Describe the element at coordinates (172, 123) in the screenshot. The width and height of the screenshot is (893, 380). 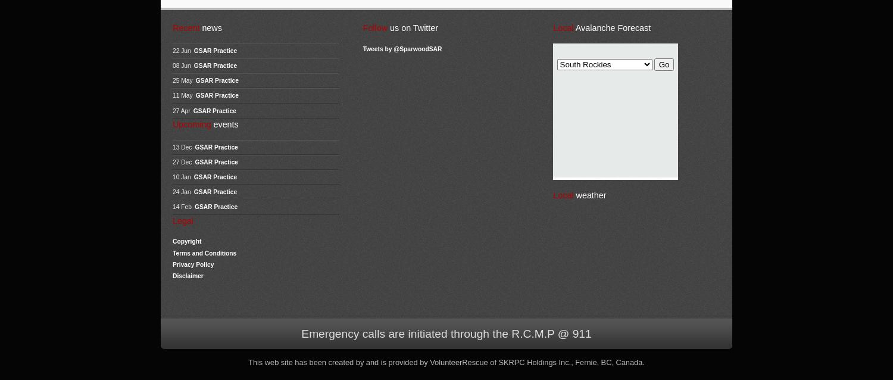
I see `'Upcoming'` at that location.